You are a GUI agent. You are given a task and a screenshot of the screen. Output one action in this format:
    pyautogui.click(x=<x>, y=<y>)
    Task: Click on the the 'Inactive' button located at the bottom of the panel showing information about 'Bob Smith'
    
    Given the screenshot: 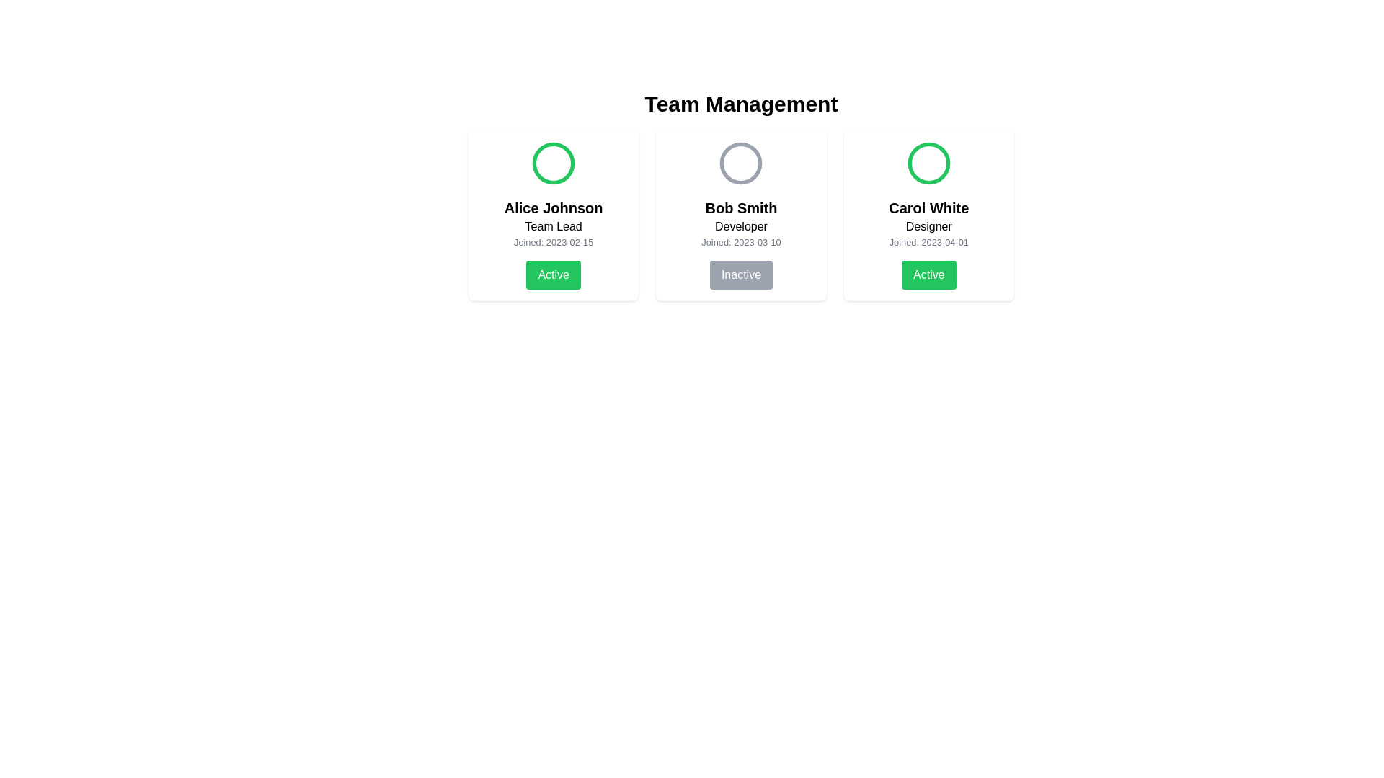 What is the action you would take?
    pyautogui.click(x=741, y=275)
    